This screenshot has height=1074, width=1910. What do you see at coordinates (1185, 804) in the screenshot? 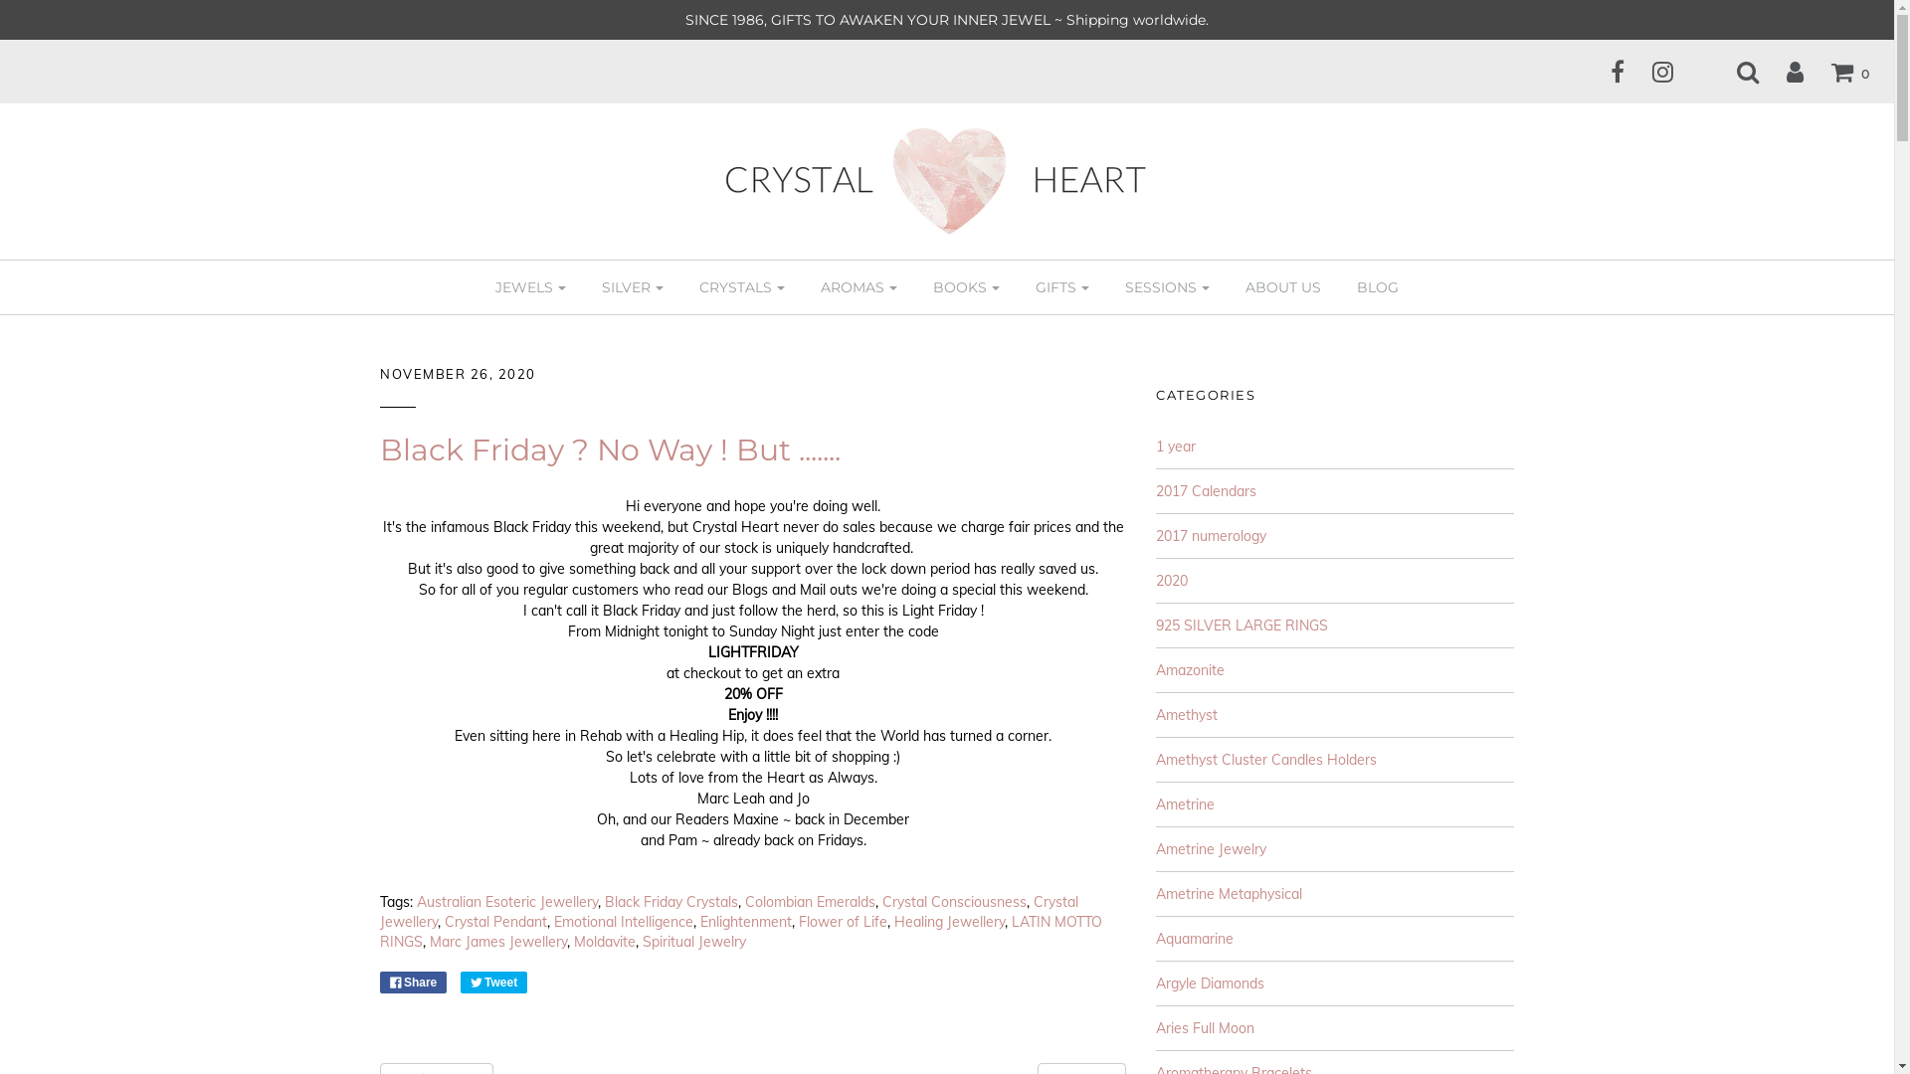
I see `'Ametrine'` at bounding box center [1185, 804].